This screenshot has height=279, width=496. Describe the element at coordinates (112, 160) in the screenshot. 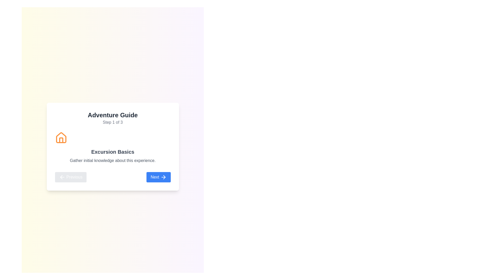

I see `the text label that reads 'Gather initial knowledge about this experience.' which is positioned beneath the heading 'Excursion Basics.'` at that location.